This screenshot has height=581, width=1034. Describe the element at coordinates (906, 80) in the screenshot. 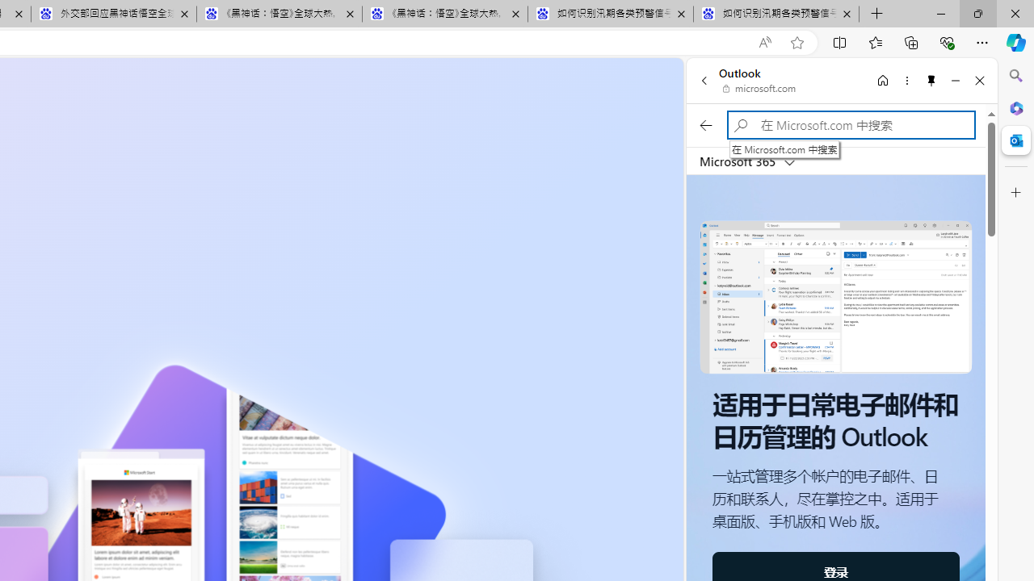

I see `'More options'` at that location.